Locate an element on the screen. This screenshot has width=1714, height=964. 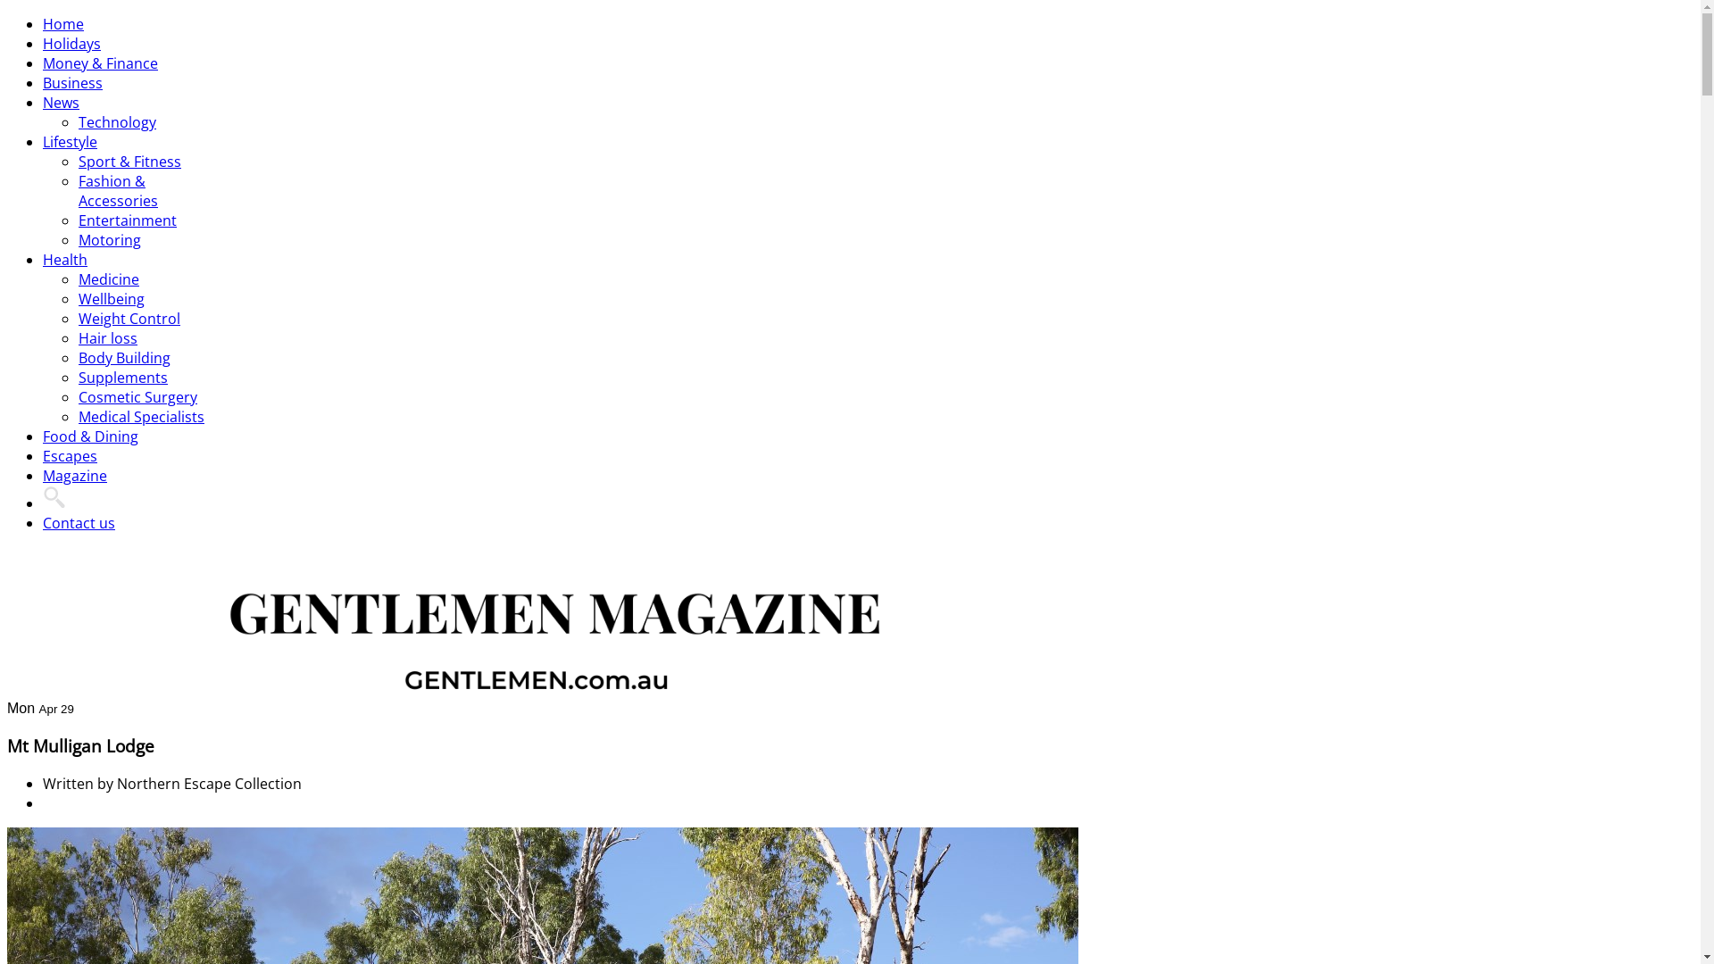
'Magazine' is located at coordinates (73, 474).